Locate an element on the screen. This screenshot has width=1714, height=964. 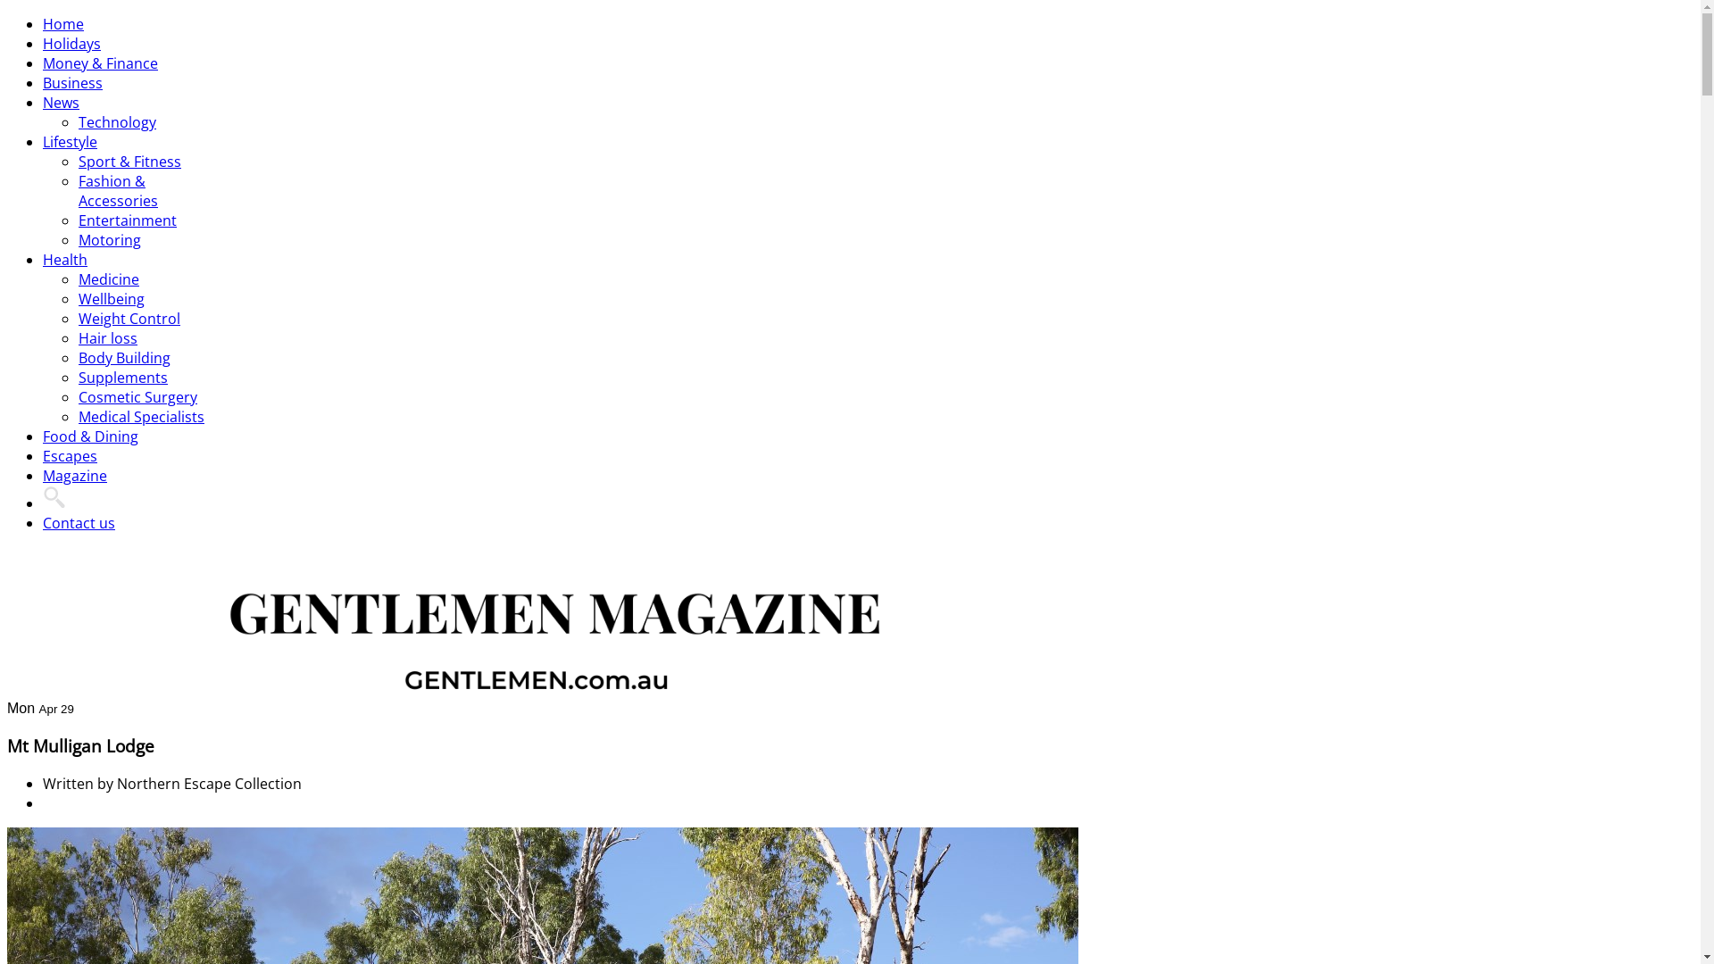
'Magazine' is located at coordinates (73, 474).